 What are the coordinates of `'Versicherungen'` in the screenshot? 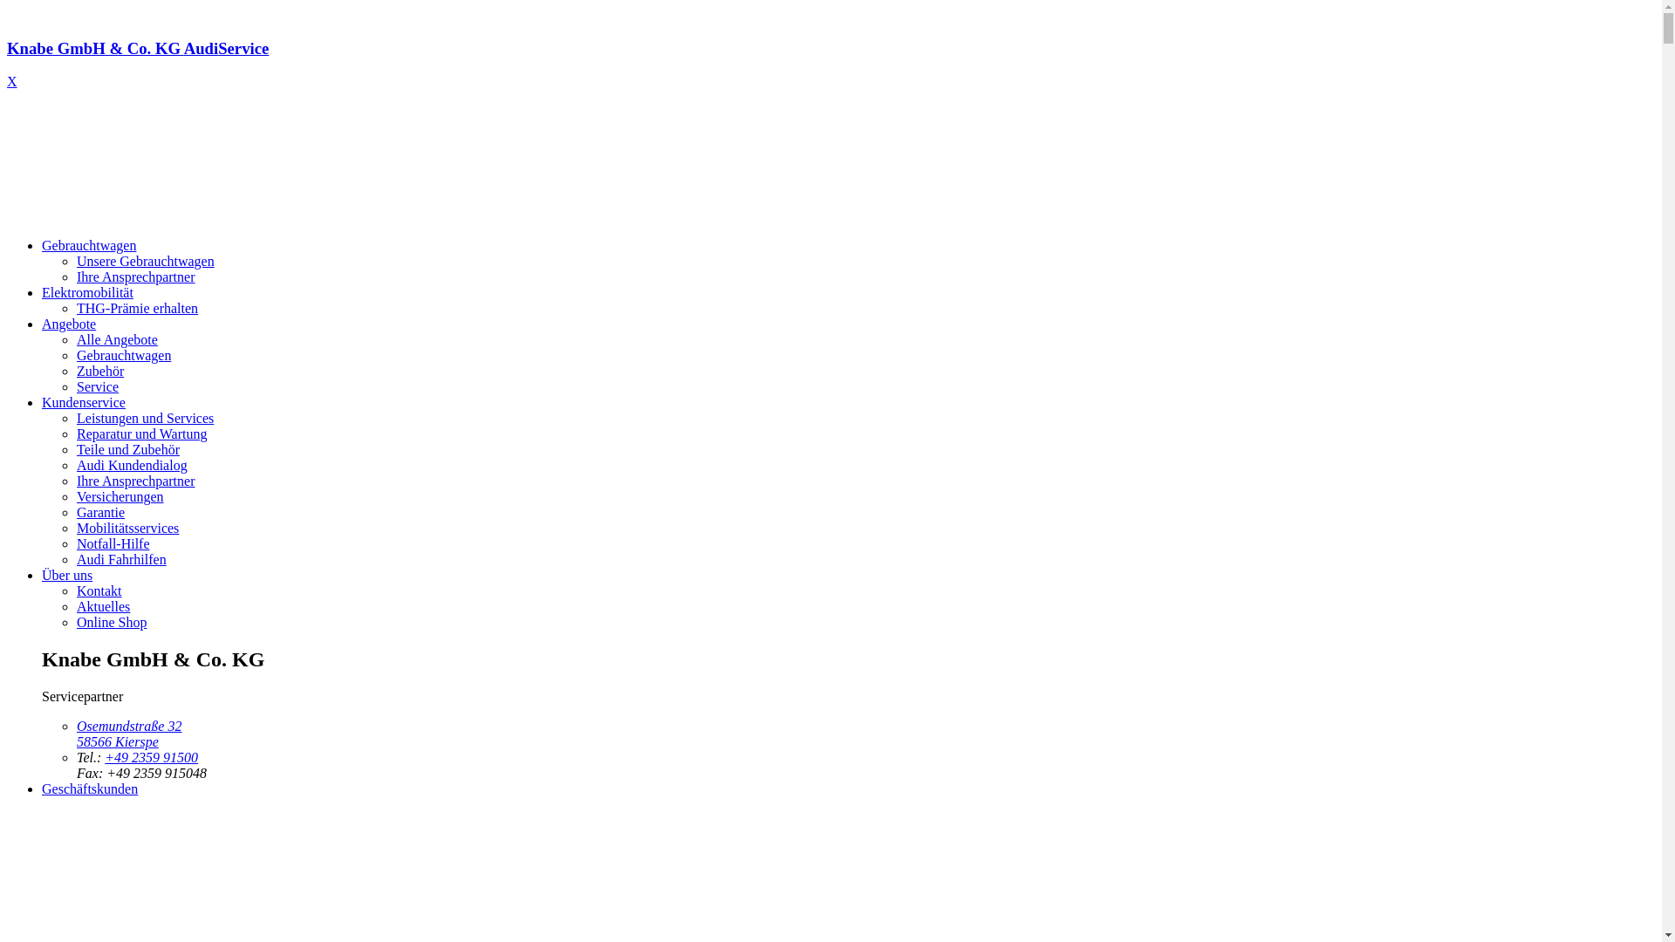 It's located at (120, 496).